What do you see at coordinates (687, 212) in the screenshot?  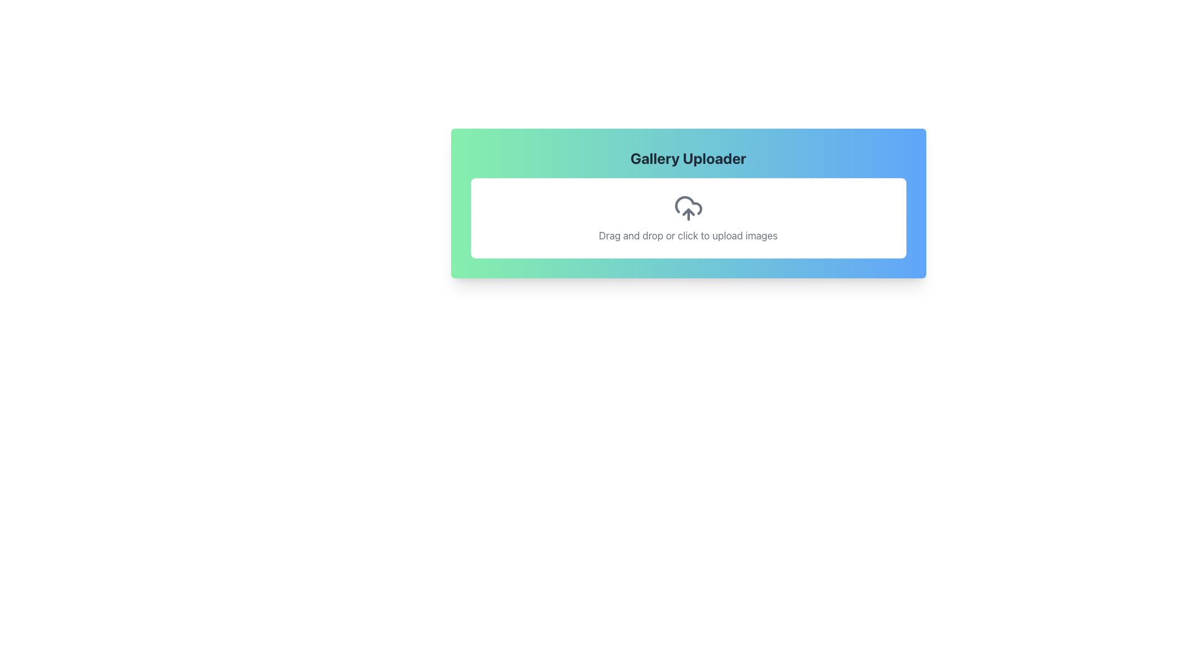 I see `the small triangular icon located in the center of the cloud-like shape within the upload component labeled 'Gallery Uploader'` at bounding box center [687, 212].